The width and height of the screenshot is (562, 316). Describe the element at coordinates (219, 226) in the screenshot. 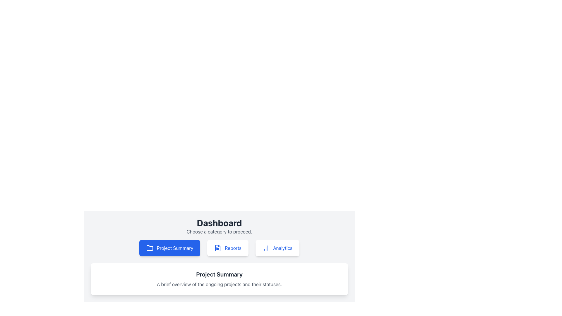

I see `the informational header titled 'Dashboard' which provides instructions to 'Choose a category to proceed.'` at that location.